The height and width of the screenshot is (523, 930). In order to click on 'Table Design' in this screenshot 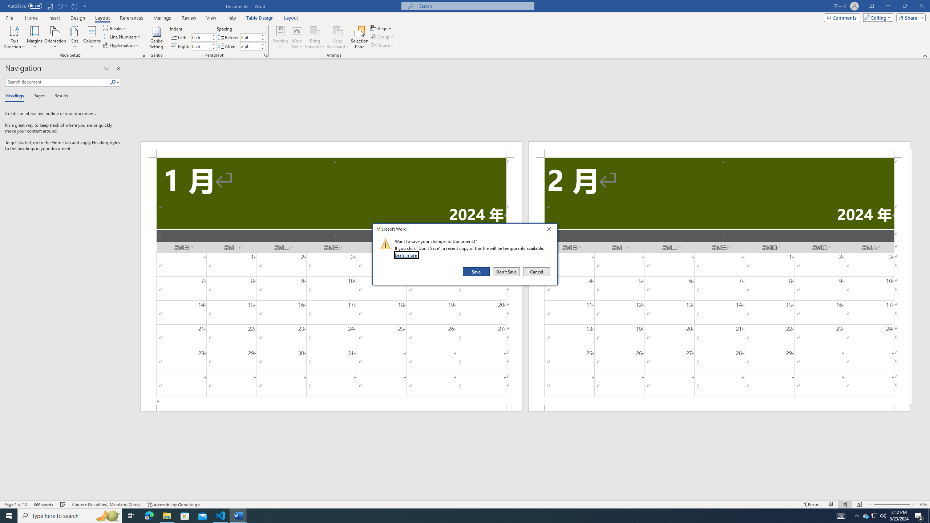, I will do `click(260, 18)`.